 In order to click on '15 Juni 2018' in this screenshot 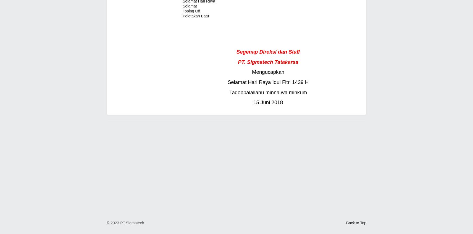, I will do `click(268, 102)`.